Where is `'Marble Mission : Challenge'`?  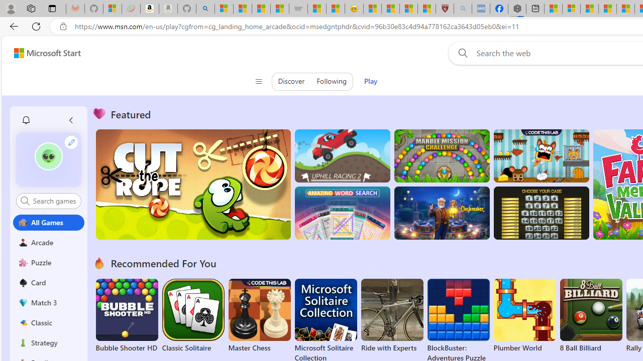
'Marble Mission : Challenge' is located at coordinates (442, 156).